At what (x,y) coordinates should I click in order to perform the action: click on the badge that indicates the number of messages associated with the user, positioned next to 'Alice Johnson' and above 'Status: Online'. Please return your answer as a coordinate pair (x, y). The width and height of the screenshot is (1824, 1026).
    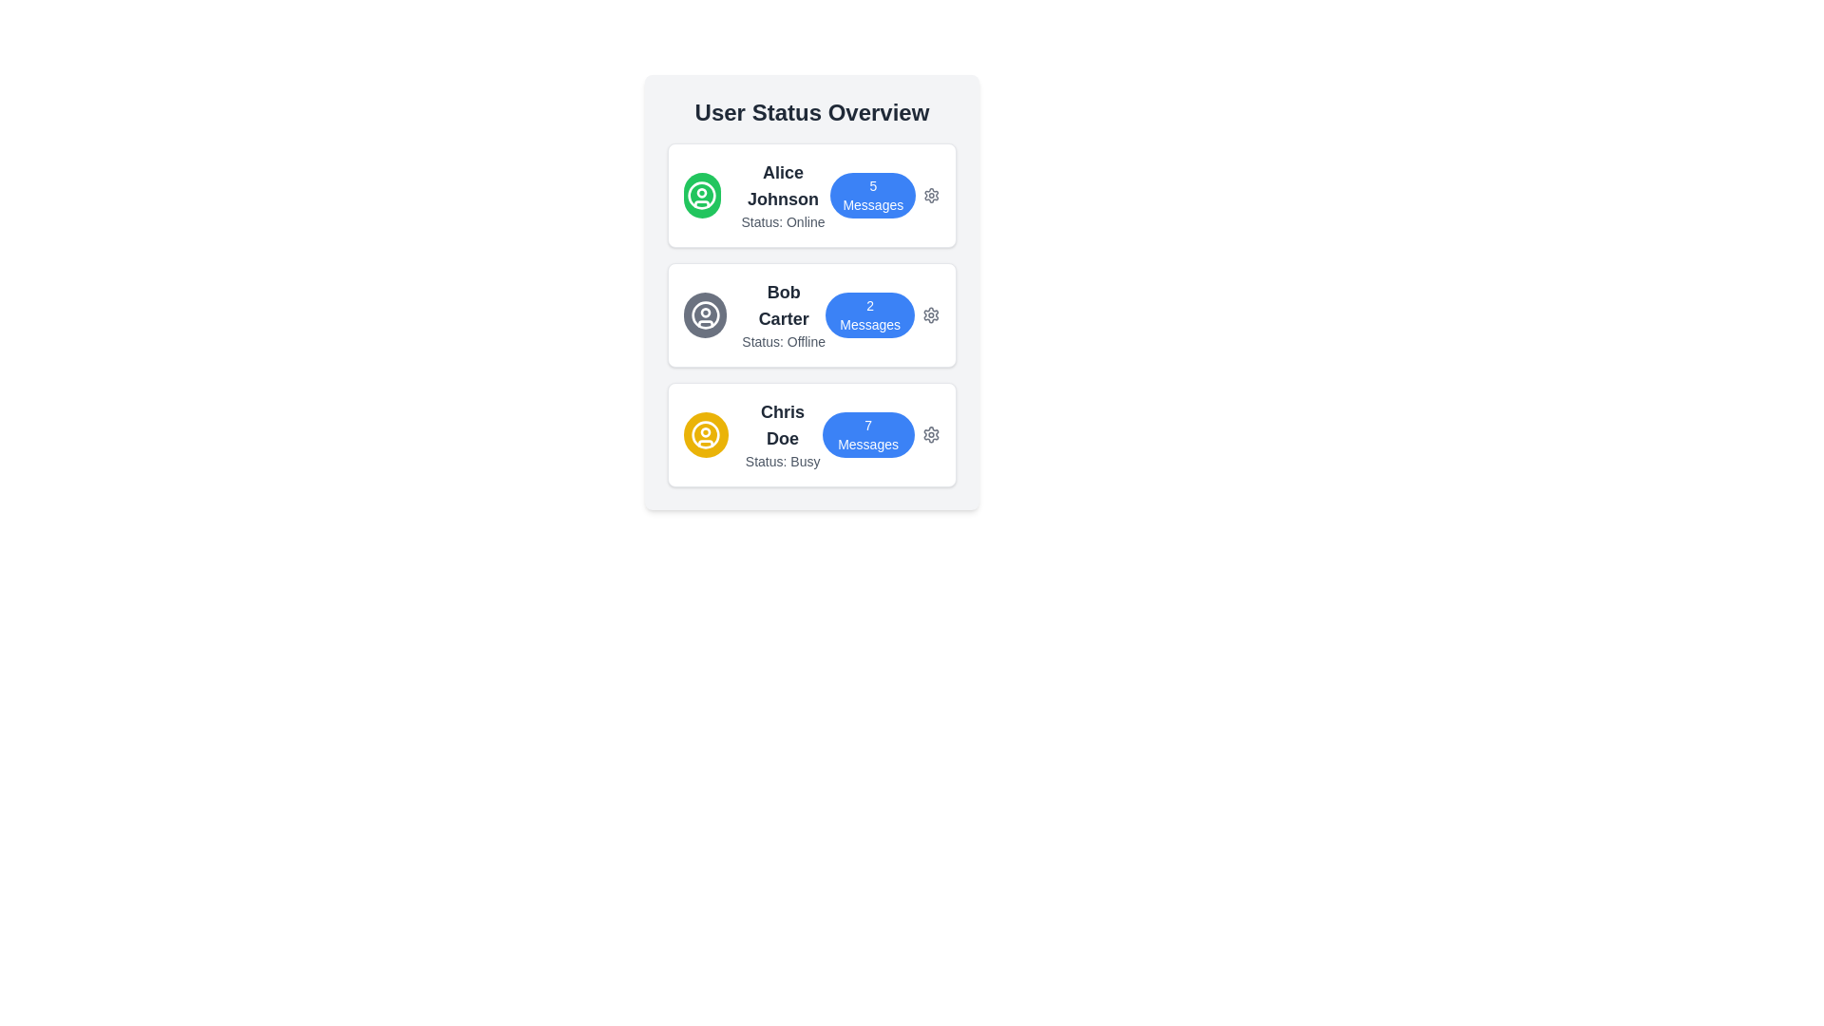
    Looking at the image, I should click on (884, 195).